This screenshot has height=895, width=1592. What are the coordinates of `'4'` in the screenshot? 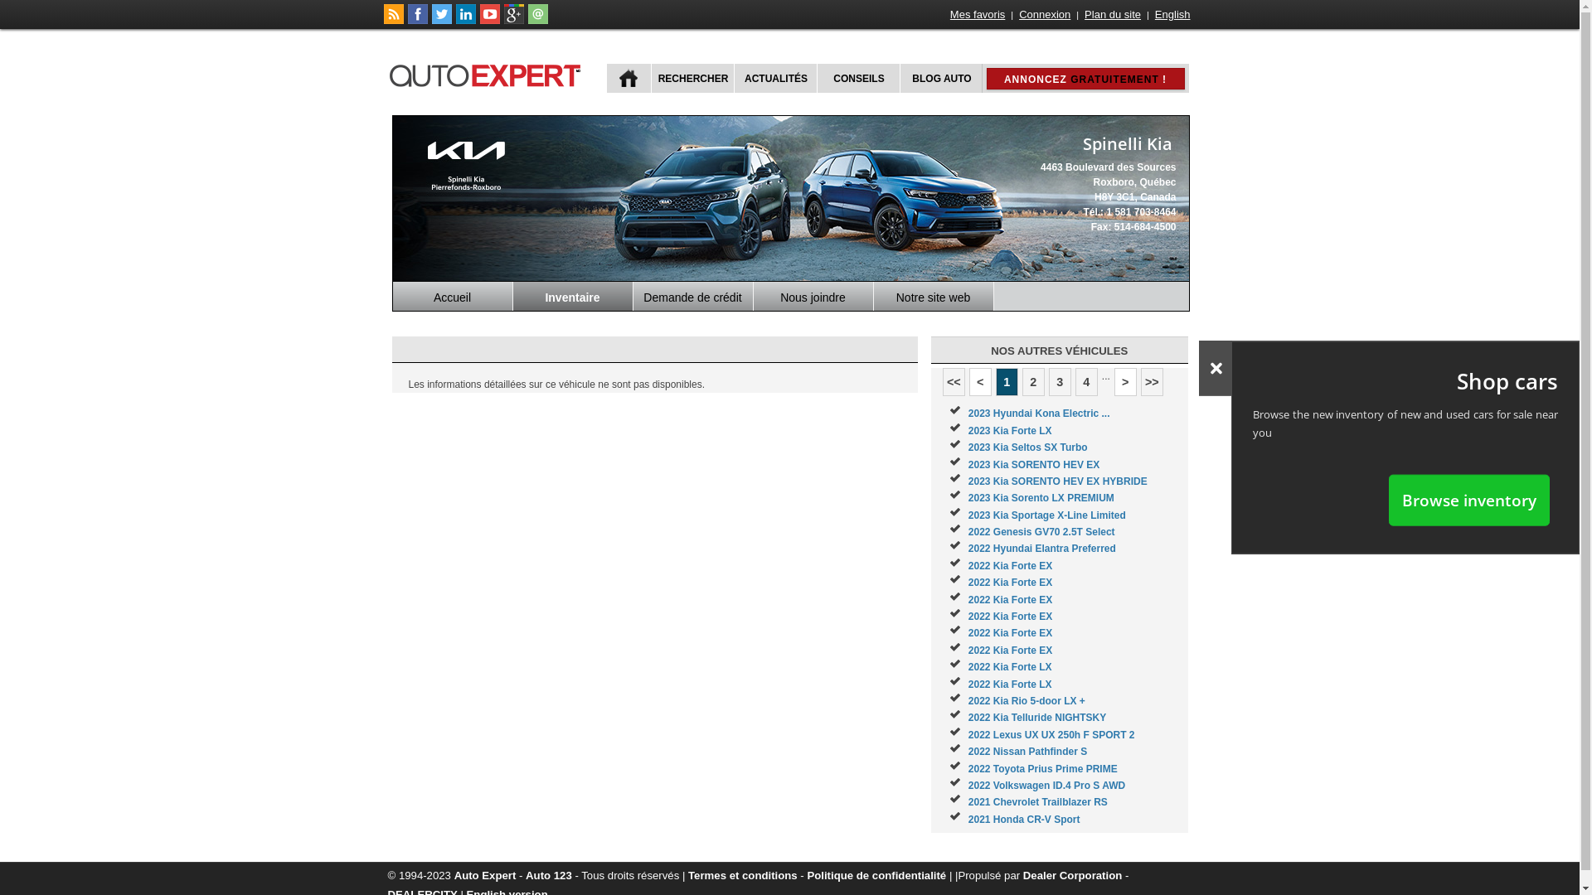 It's located at (1086, 382).